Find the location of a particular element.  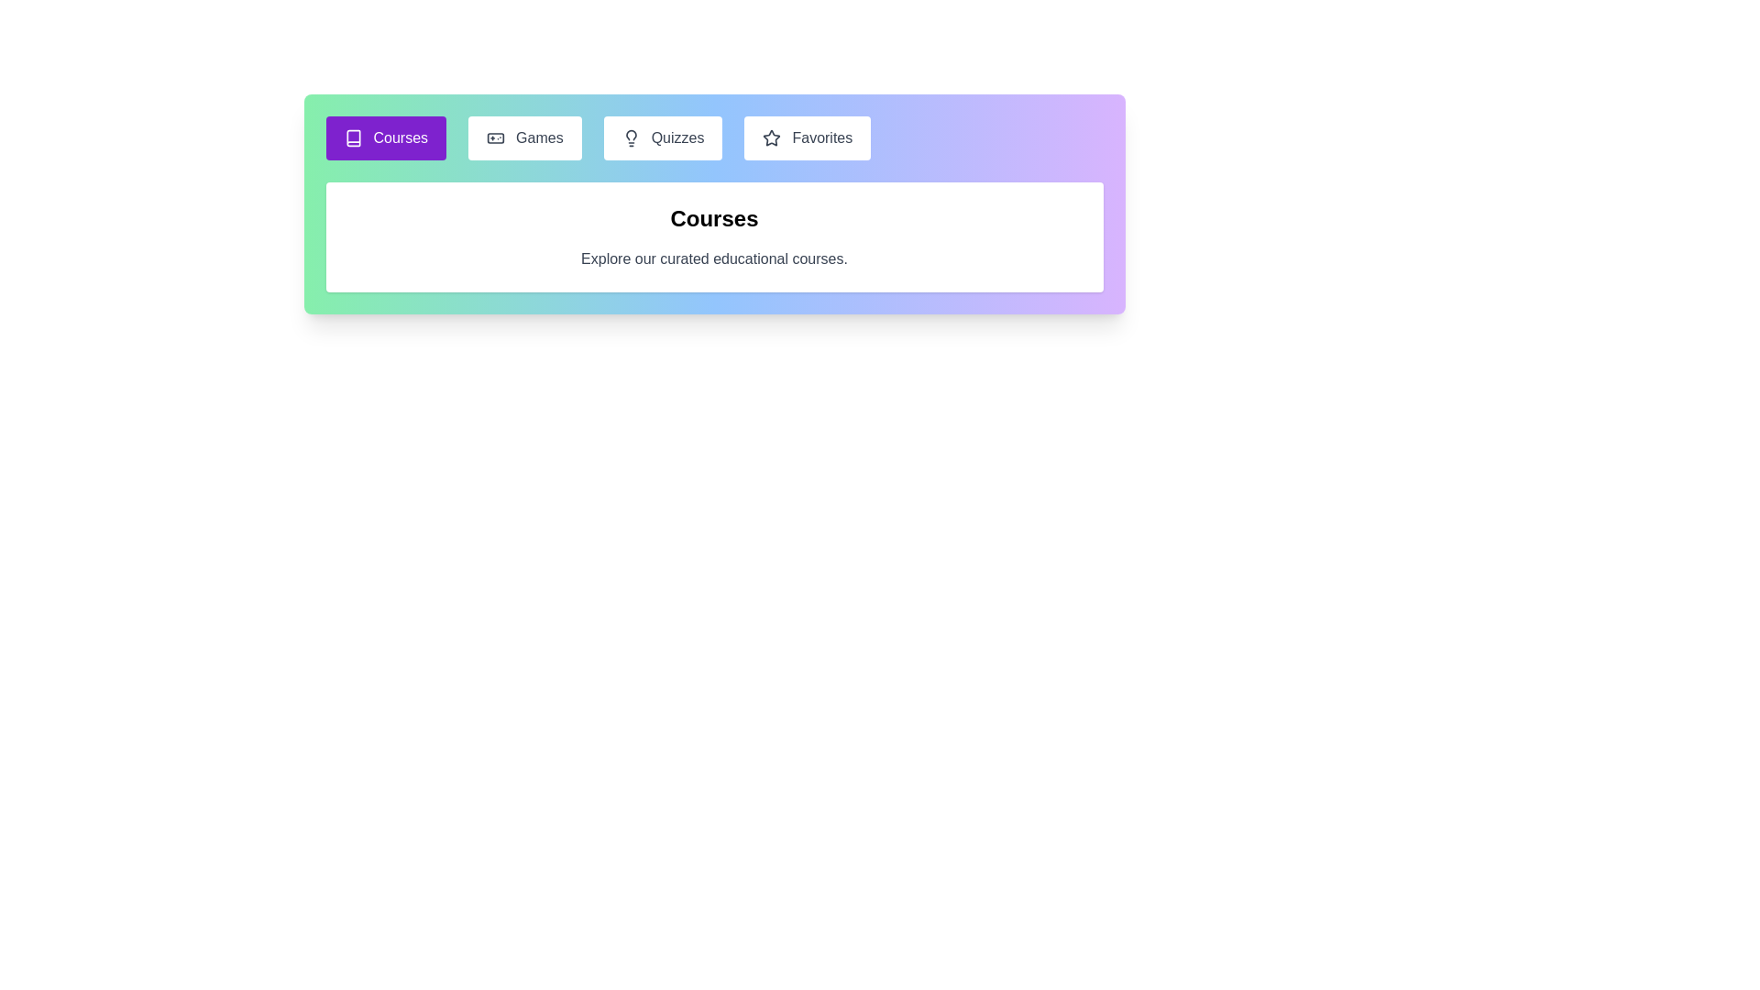

the tab labeled Quizzes is located at coordinates (662, 137).